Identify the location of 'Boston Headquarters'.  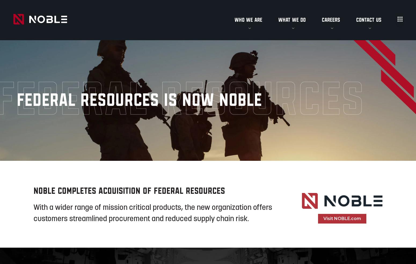
(306, 101).